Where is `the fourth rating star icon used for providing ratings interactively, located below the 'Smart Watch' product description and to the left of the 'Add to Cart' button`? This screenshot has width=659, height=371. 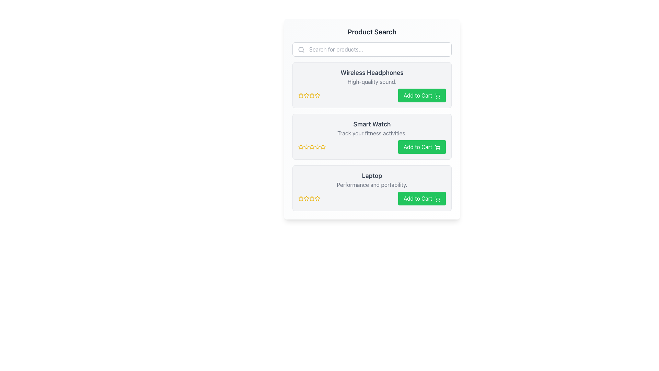
the fourth rating star icon used for providing ratings interactively, located below the 'Smart Watch' product description and to the left of the 'Add to Cart' button is located at coordinates (311, 147).